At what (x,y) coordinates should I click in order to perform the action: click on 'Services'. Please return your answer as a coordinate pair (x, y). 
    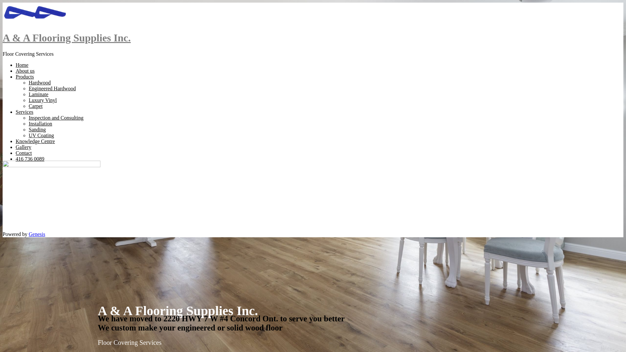
    Looking at the image, I should click on (24, 111).